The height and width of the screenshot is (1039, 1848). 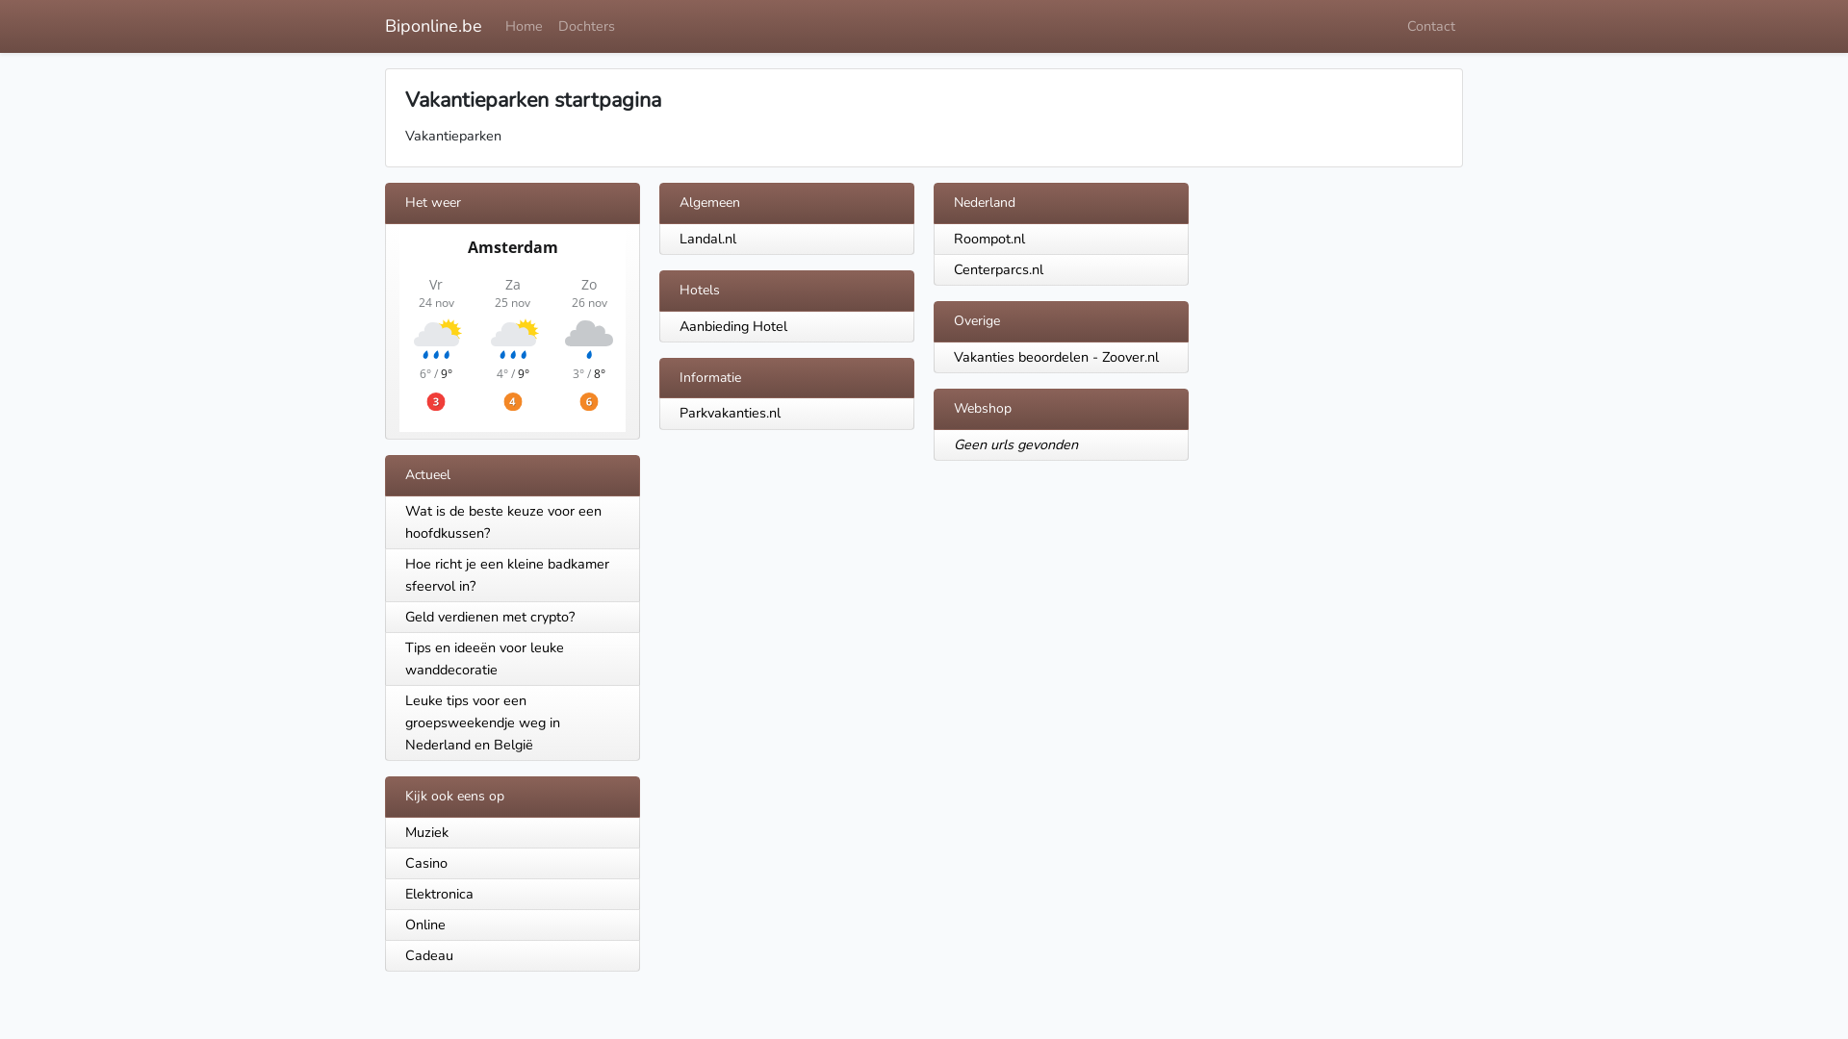 I want to click on 'Elektronica', so click(x=512, y=894).